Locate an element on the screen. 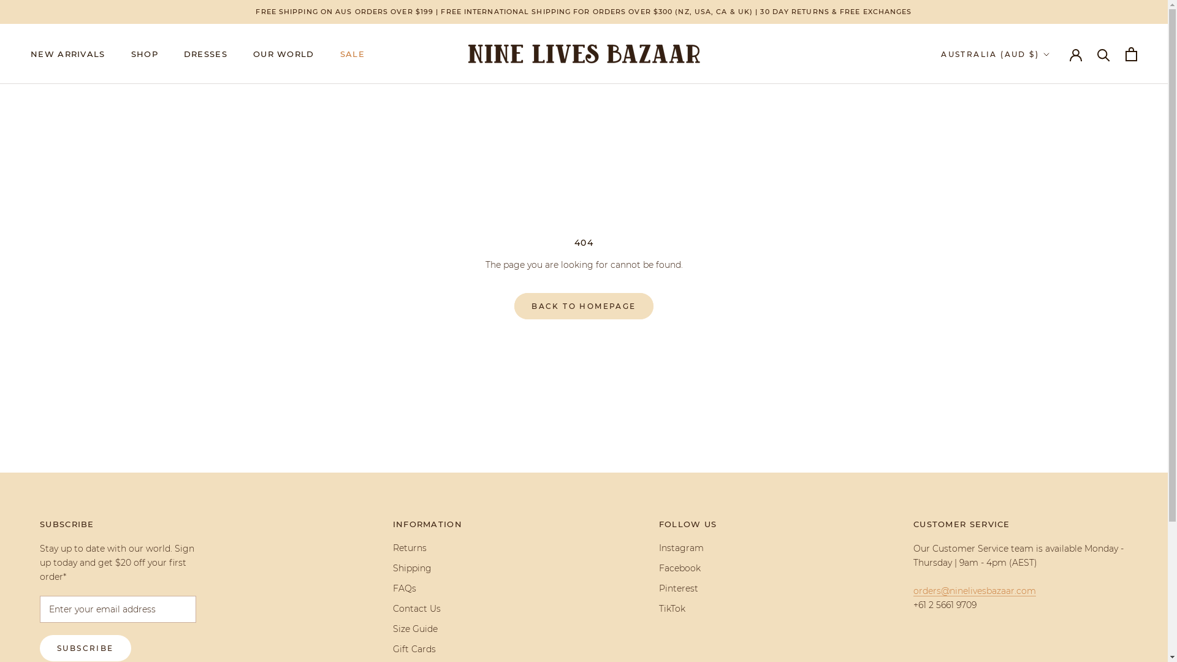  'SALE is located at coordinates (352, 53).